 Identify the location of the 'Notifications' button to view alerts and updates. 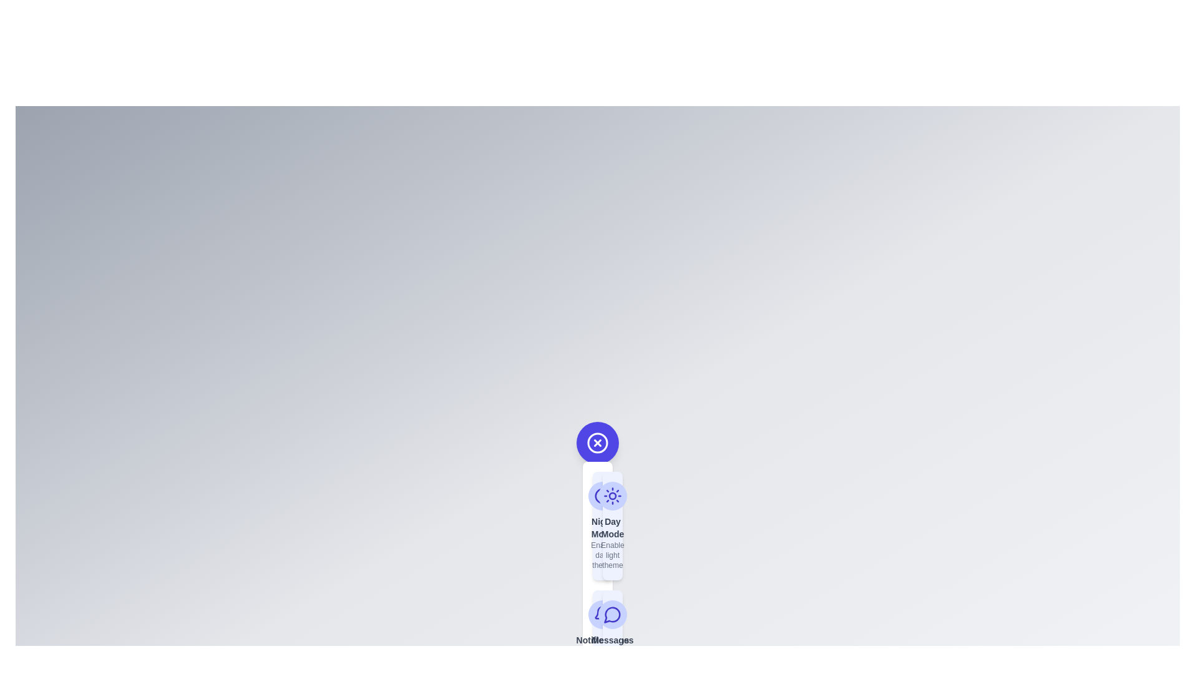
(602, 643).